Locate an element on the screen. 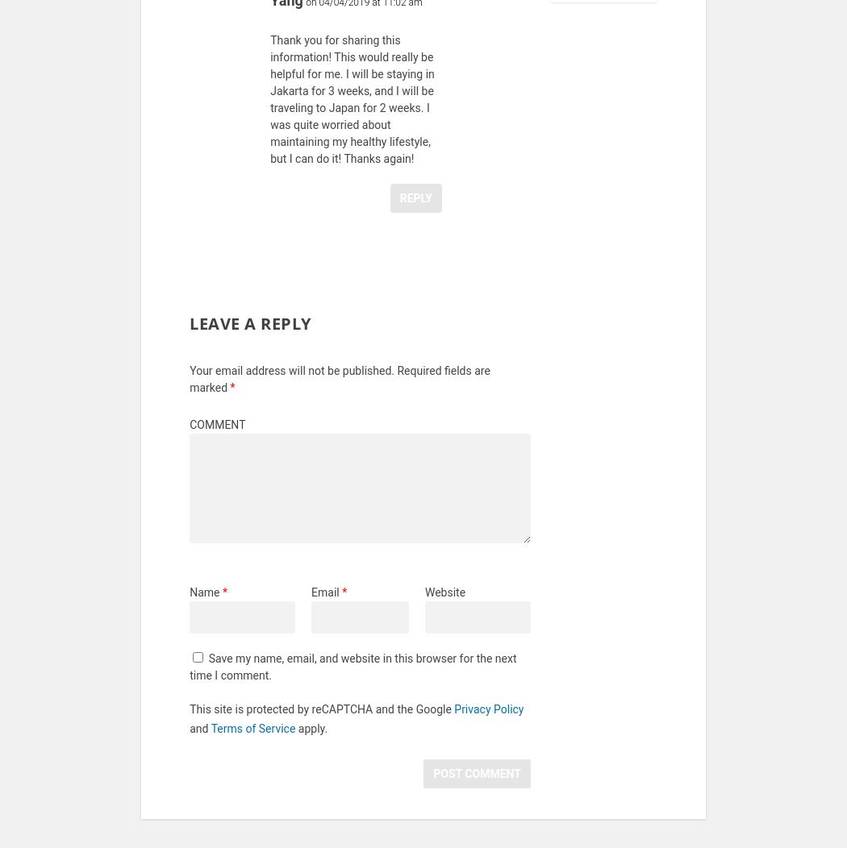 The image size is (847, 848). 'Required fields are marked' is located at coordinates (339, 389).